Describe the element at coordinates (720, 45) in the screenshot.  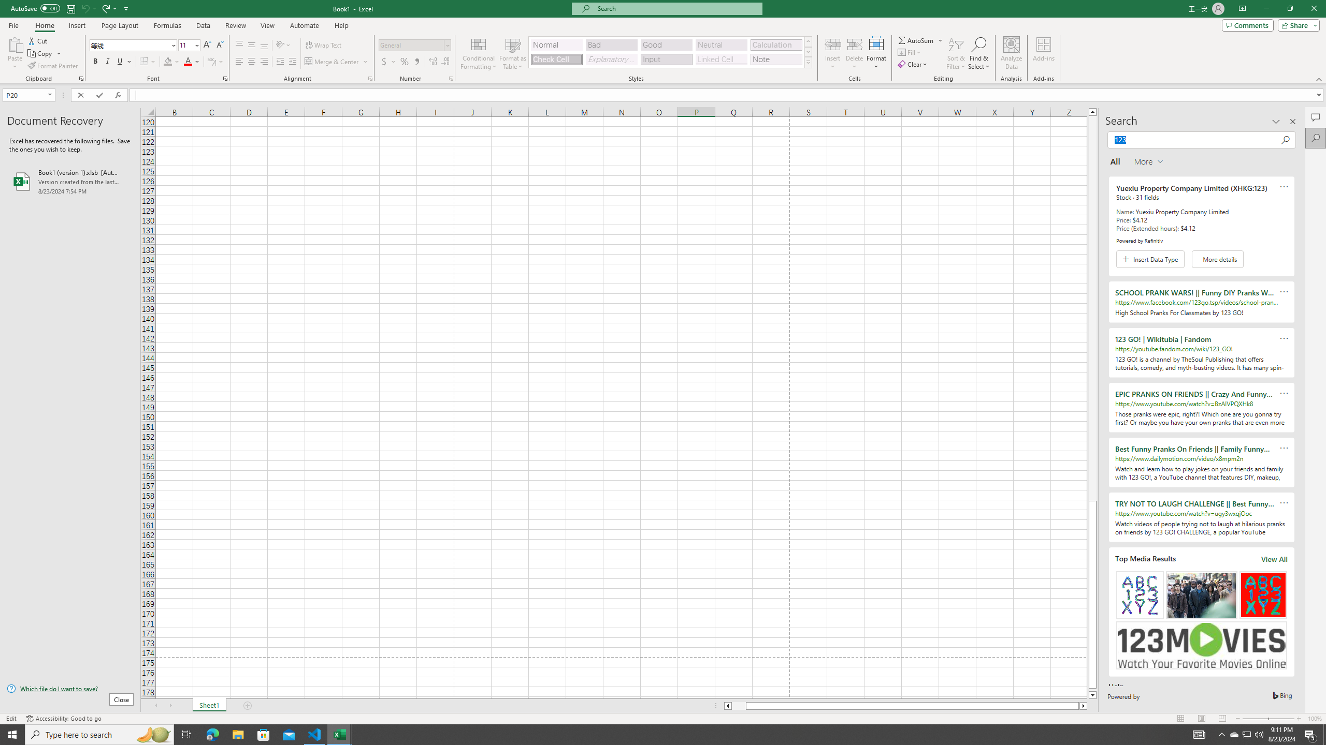
I see `'Neutral'` at that location.